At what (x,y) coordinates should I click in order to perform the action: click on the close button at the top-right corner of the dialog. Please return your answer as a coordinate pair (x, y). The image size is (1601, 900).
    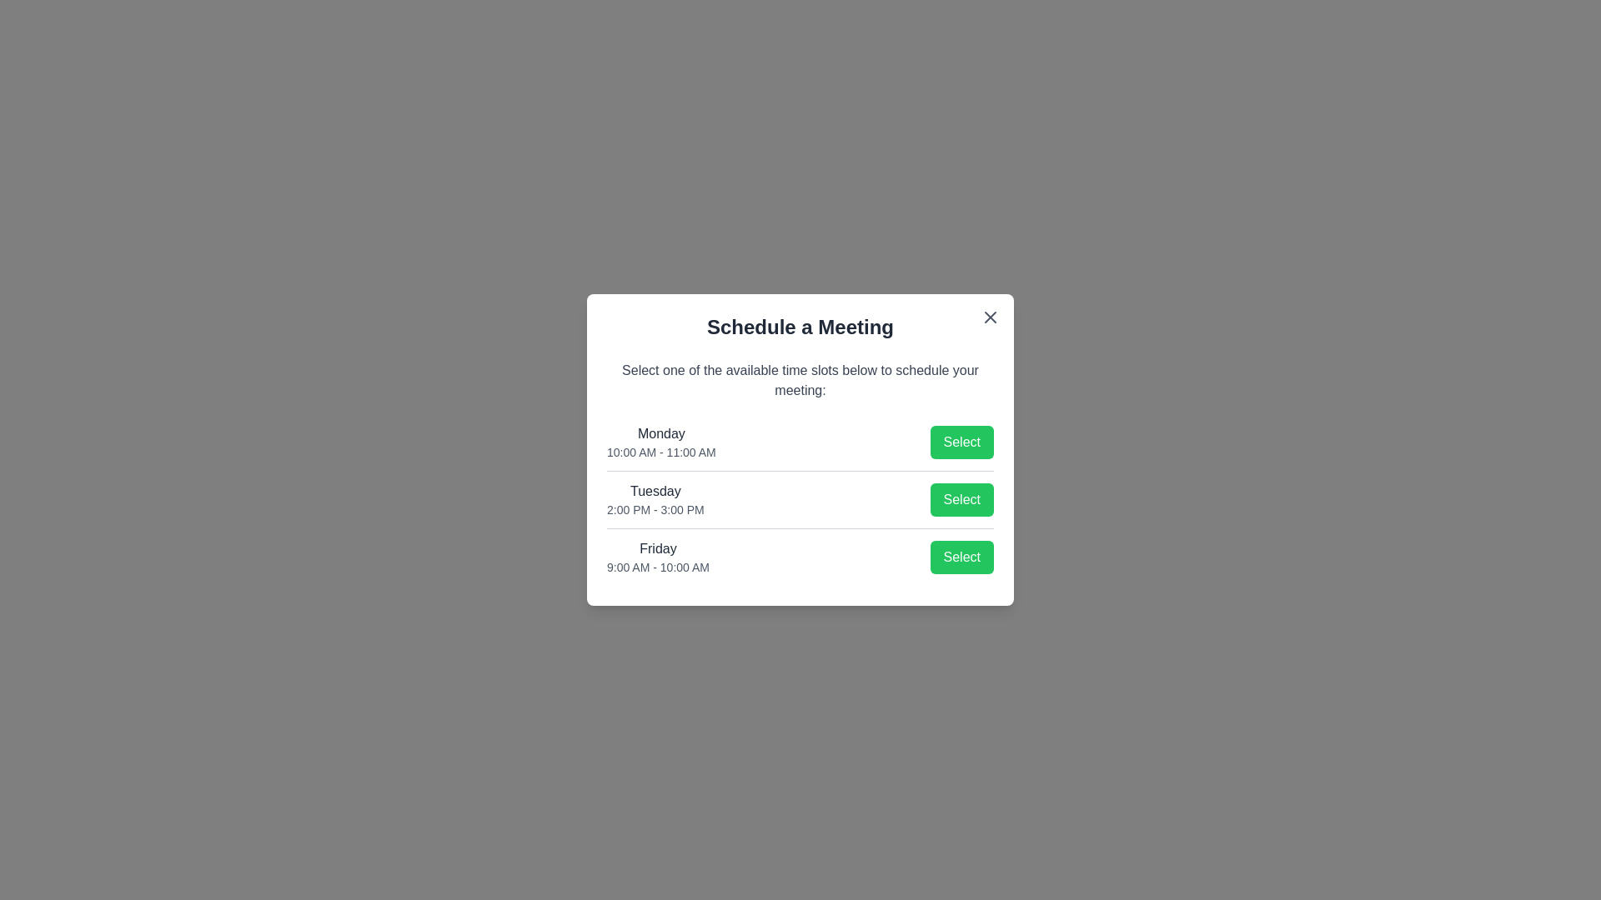
    Looking at the image, I should click on (991, 317).